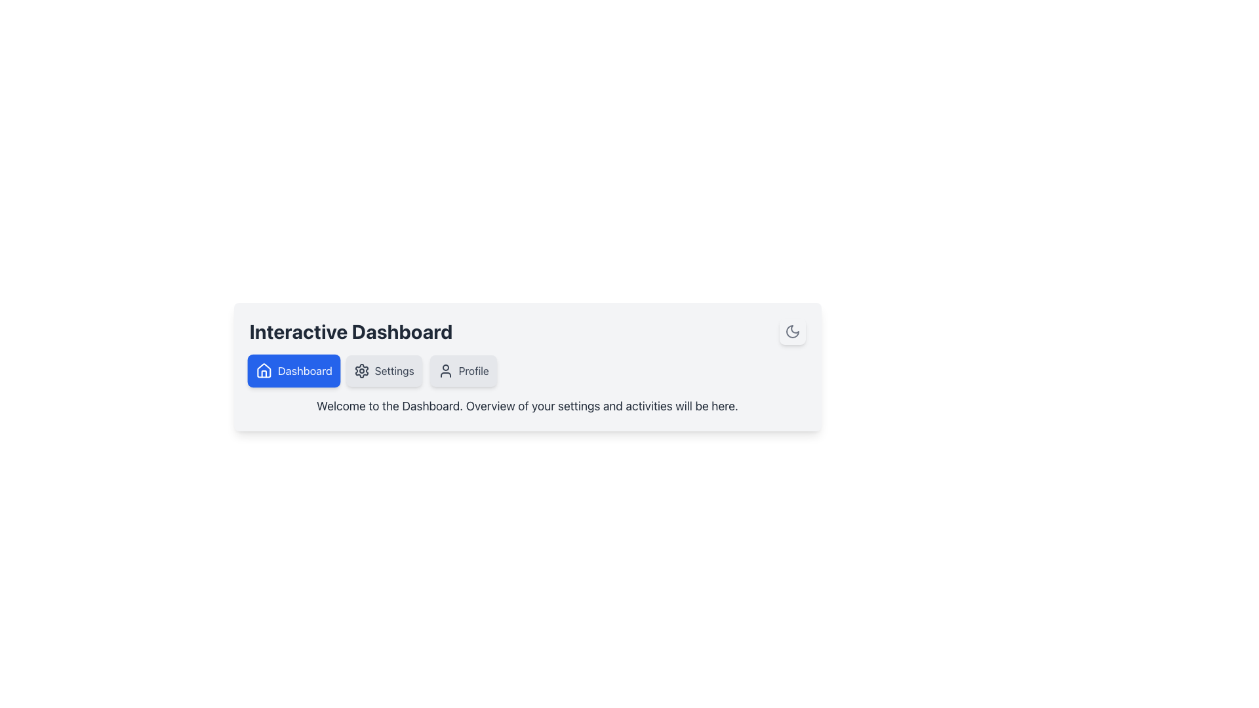 This screenshot has width=1259, height=708. What do you see at coordinates (791, 330) in the screenshot?
I see `the crescent moon icon located in the top-right corner of the dashboard interface's main control panel` at bounding box center [791, 330].